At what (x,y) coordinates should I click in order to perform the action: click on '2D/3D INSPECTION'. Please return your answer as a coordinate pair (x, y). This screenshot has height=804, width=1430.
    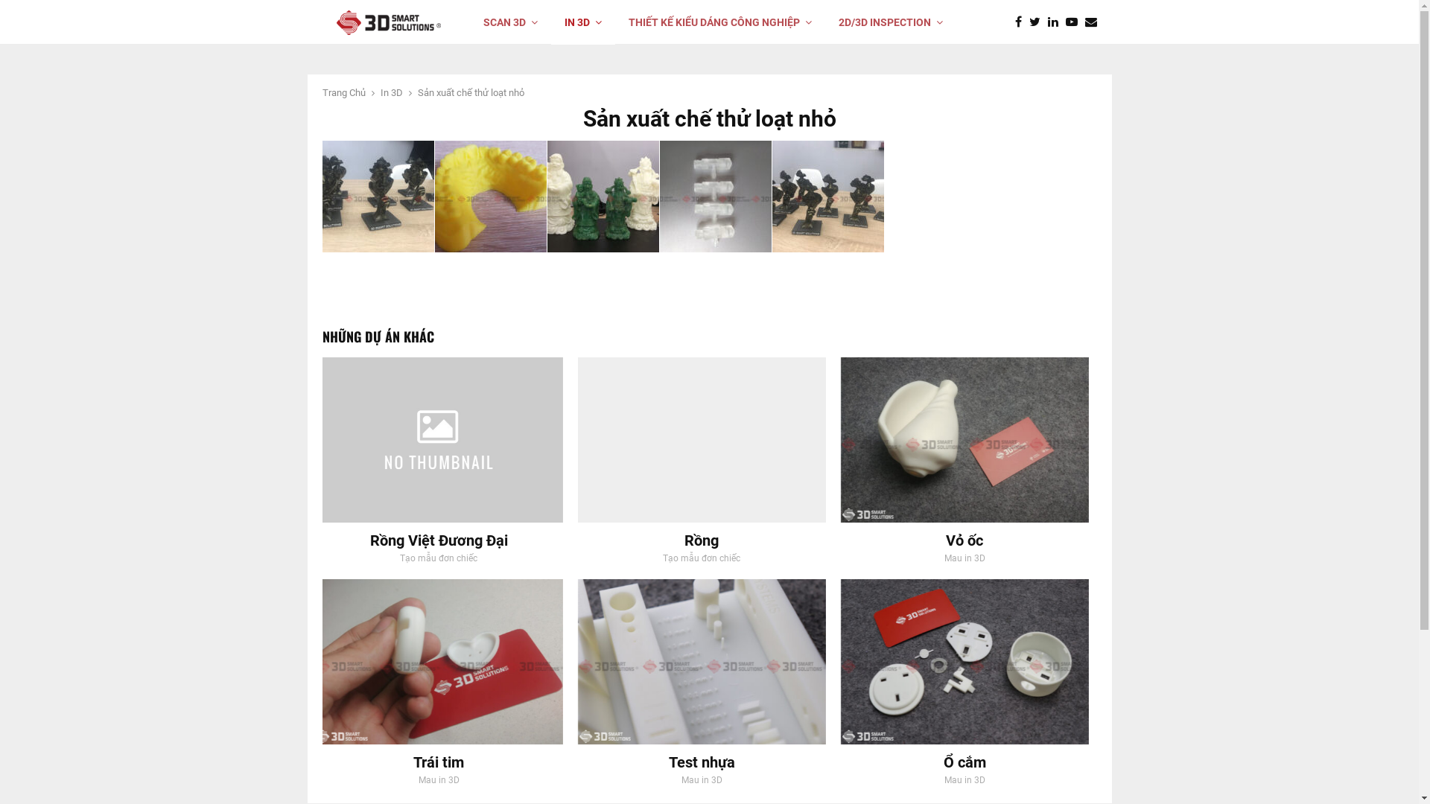
    Looking at the image, I should click on (890, 22).